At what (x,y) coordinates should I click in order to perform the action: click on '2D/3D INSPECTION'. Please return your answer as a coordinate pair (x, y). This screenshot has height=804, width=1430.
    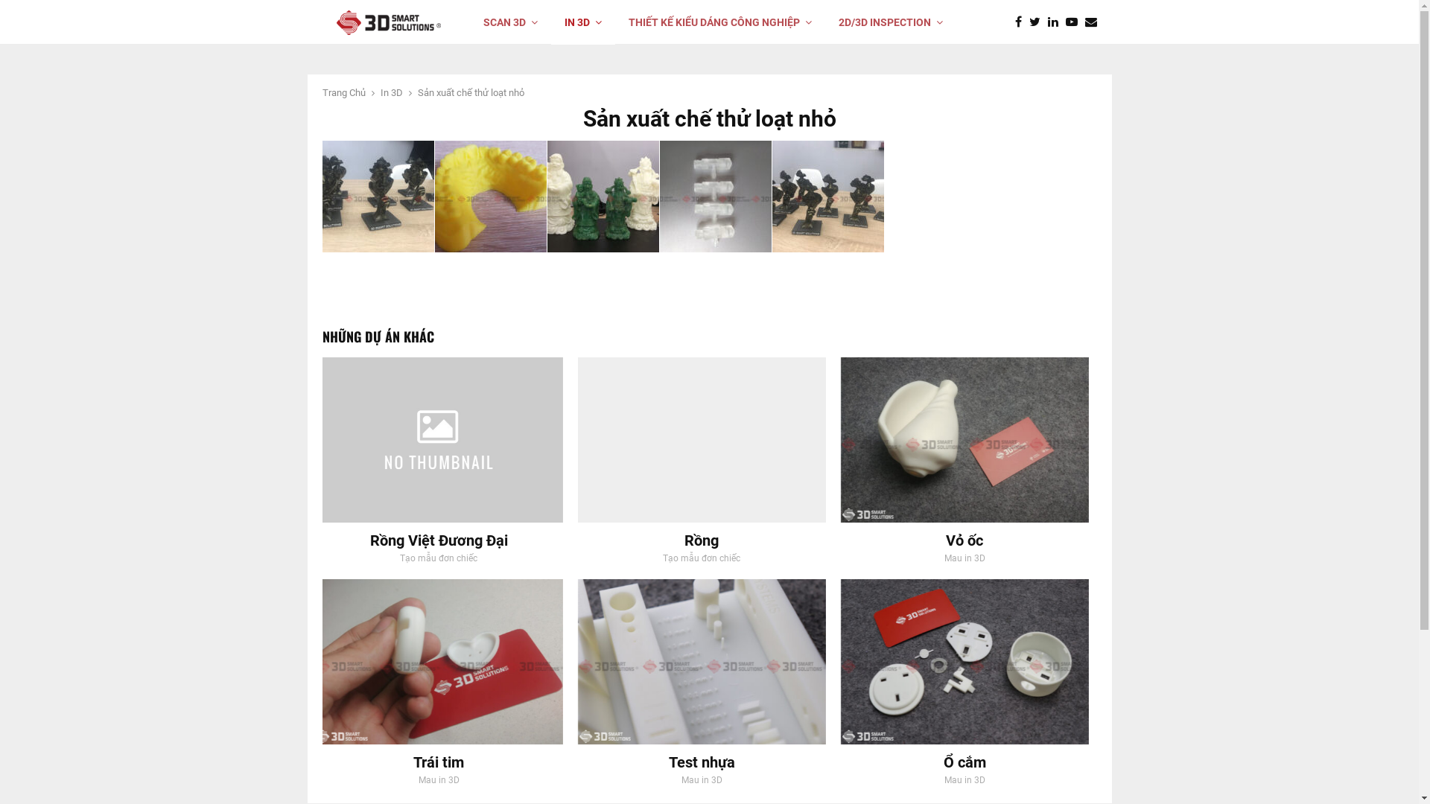
    Looking at the image, I should click on (890, 22).